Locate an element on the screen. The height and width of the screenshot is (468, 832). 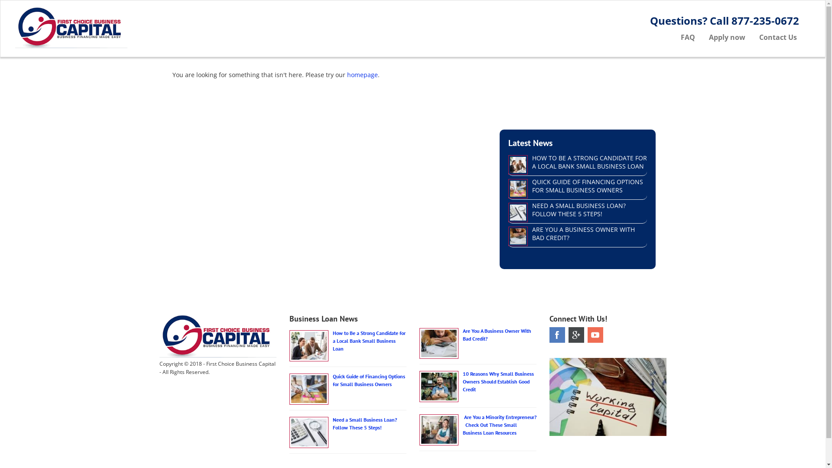
'homepage' is located at coordinates (362, 74).